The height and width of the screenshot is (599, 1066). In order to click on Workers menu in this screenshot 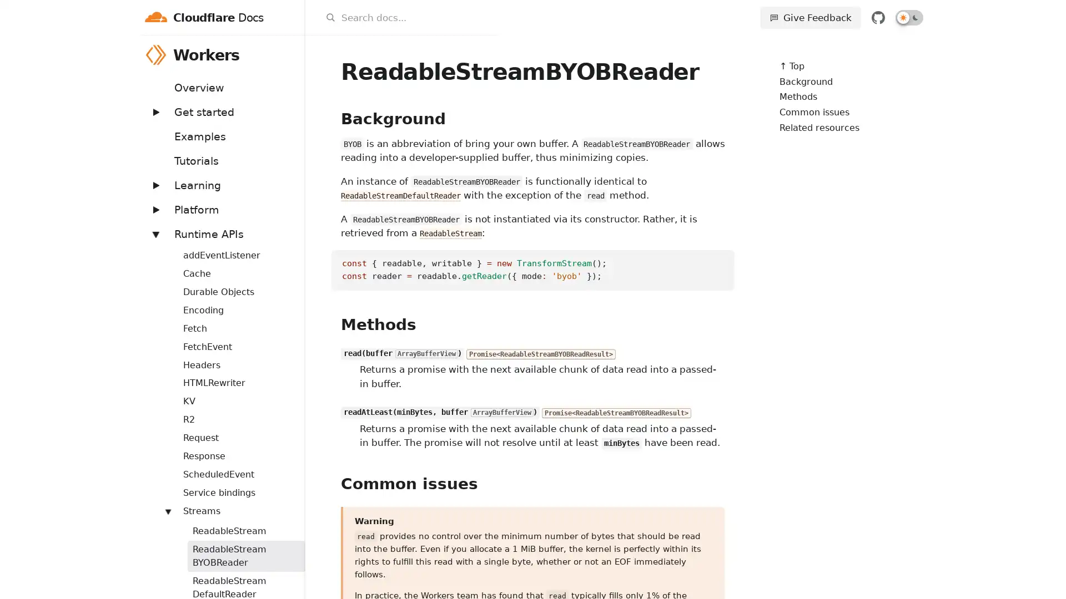, I will do `click(290, 54)`.